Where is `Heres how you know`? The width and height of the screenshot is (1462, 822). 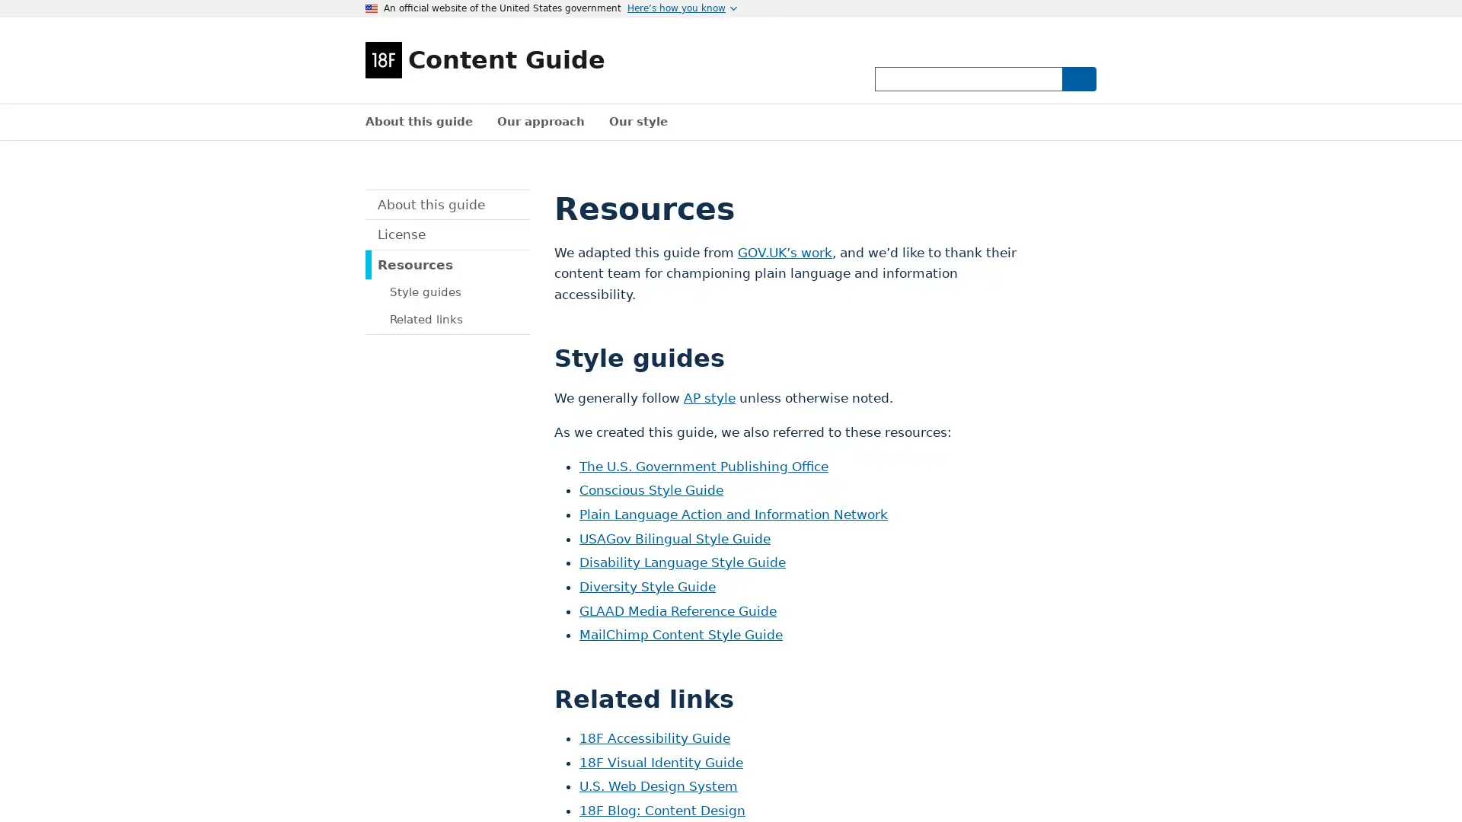
Heres how you know is located at coordinates (682, 8).